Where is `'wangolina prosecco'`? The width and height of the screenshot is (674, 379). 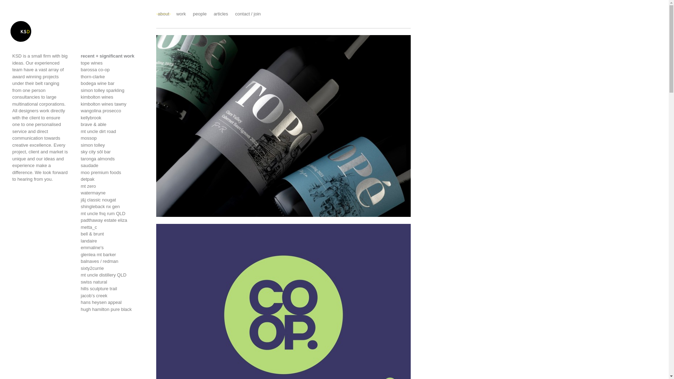
'wangolina prosecco' is located at coordinates (112, 111).